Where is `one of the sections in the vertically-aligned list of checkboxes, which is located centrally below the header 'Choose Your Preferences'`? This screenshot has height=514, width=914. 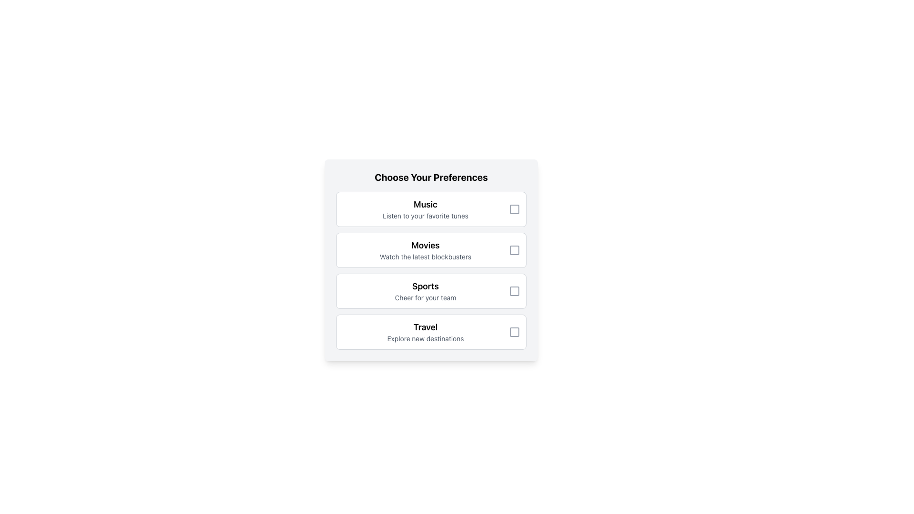 one of the sections in the vertically-aligned list of checkboxes, which is located centrally below the header 'Choose Your Preferences' is located at coordinates (431, 271).